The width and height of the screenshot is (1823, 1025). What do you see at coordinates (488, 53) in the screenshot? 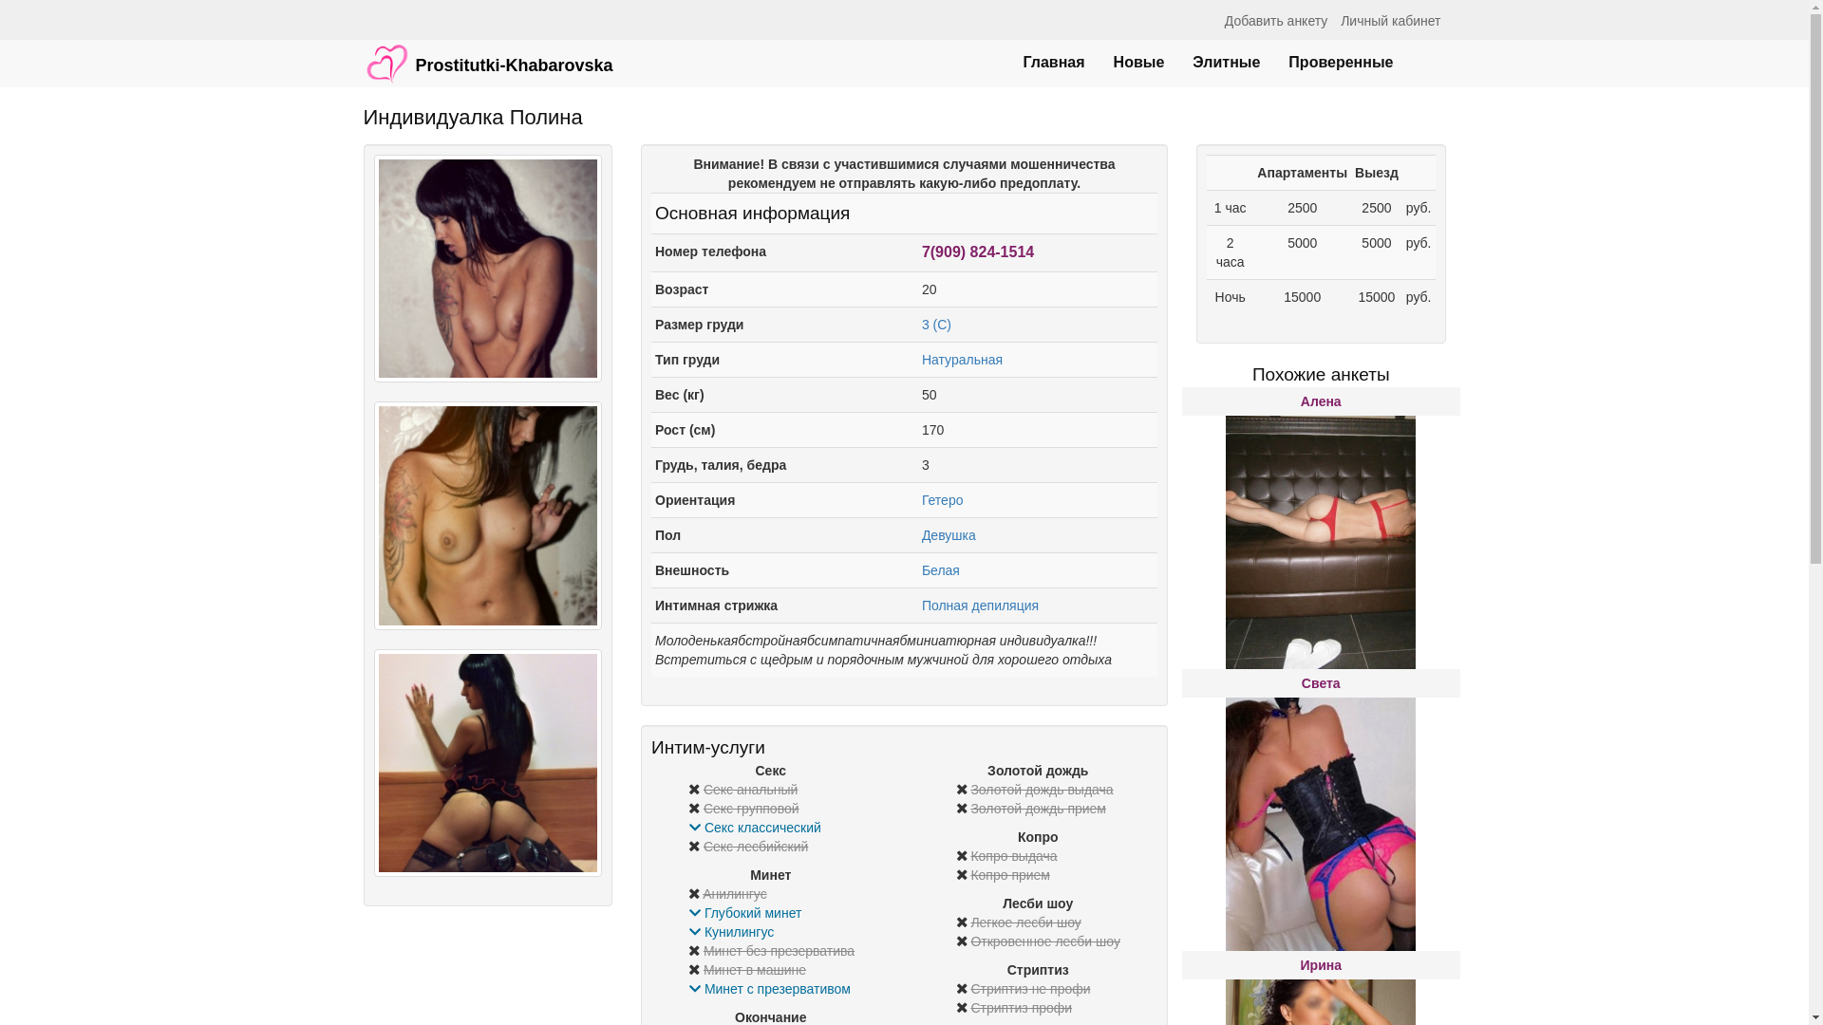
I see `'Prostitutki-Khabarovska'` at bounding box center [488, 53].